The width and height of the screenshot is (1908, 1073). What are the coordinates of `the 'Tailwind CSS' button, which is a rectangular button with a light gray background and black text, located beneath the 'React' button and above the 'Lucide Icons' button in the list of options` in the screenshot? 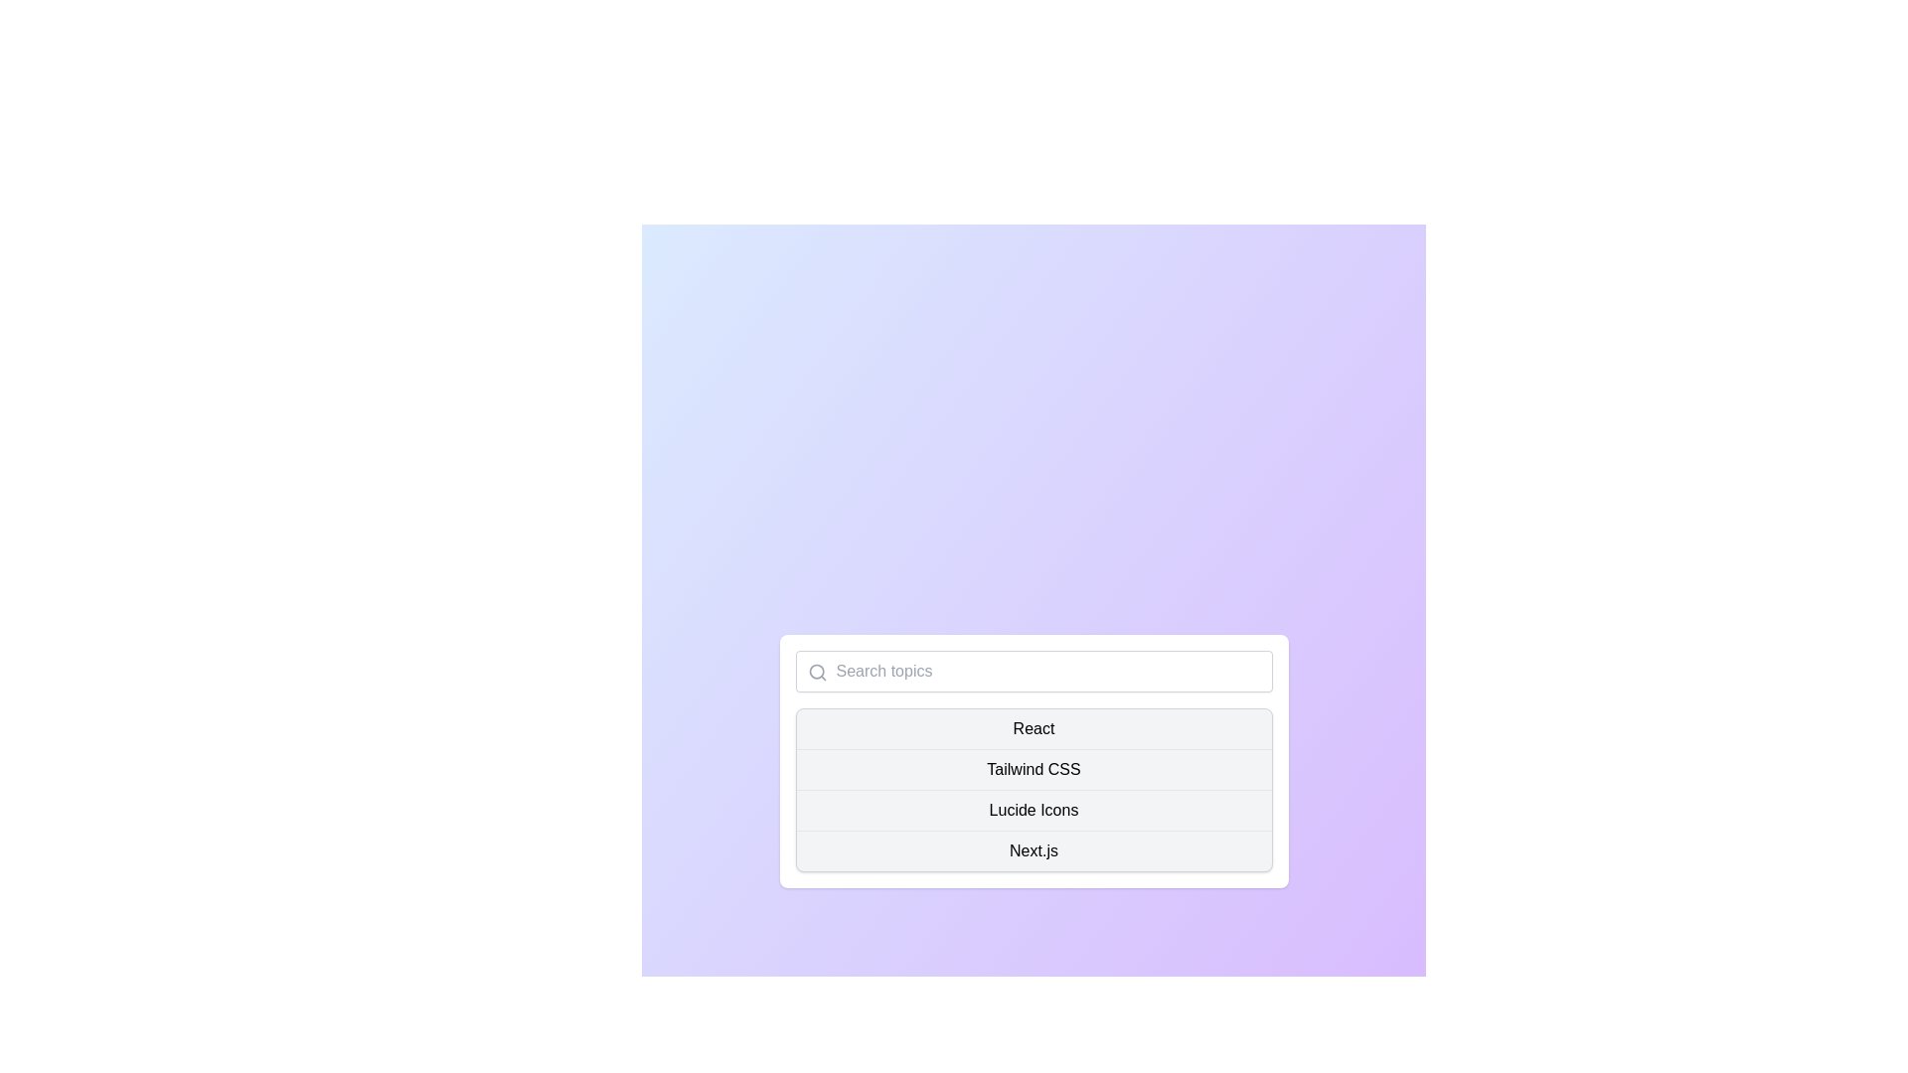 It's located at (1033, 768).